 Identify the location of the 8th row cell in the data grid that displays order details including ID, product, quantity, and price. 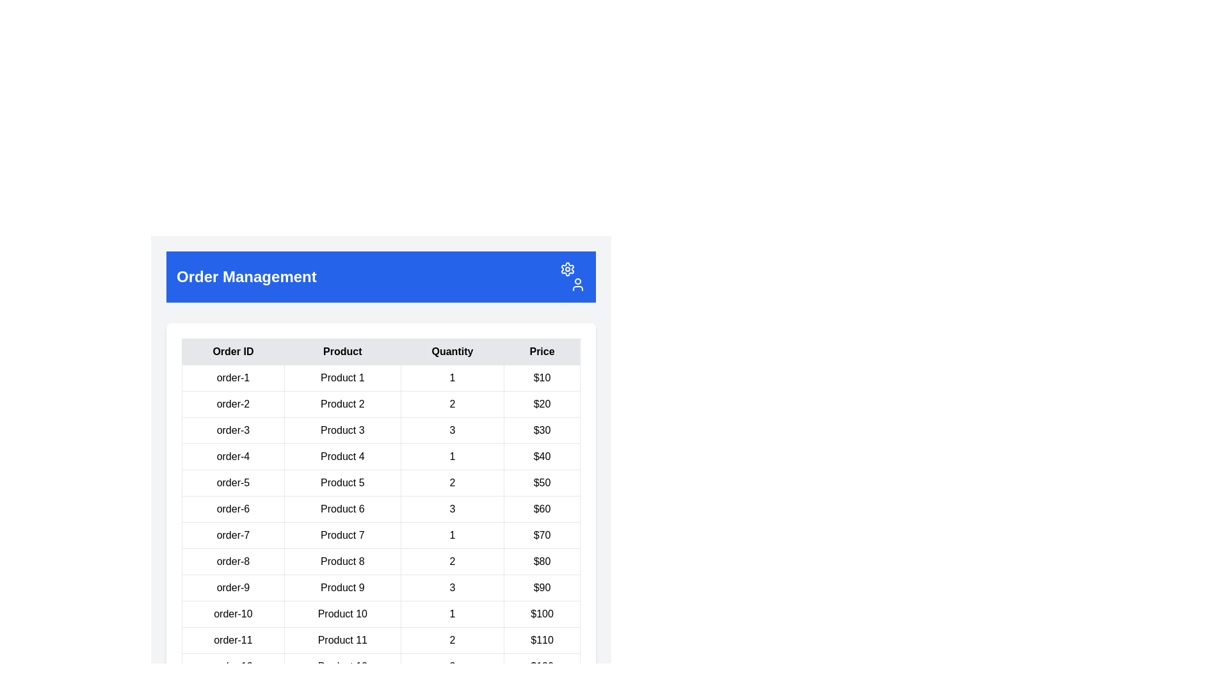
(380, 561).